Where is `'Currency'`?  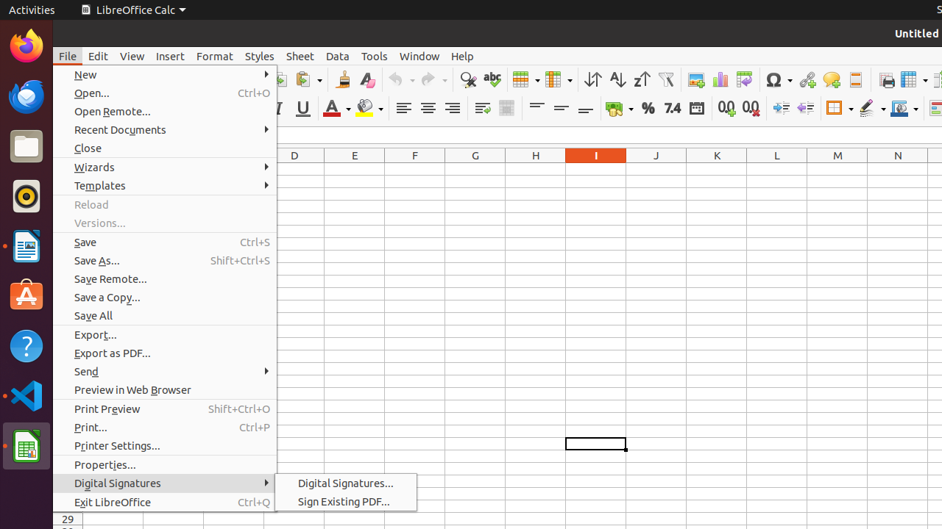 'Currency' is located at coordinates (619, 107).